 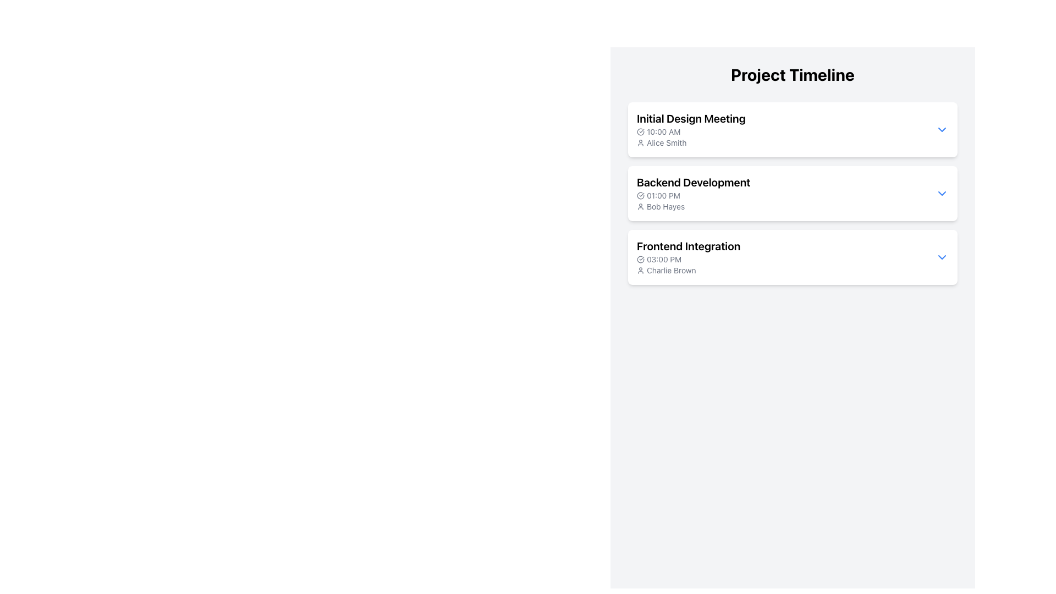 What do you see at coordinates (641, 259) in the screenshot?
I see `the small circular icon with a checkmark inside it, located to the left of the '03:00 PM' text in the 'Frontend Integration' section of the project timeline` at bounding box center [641, 259].